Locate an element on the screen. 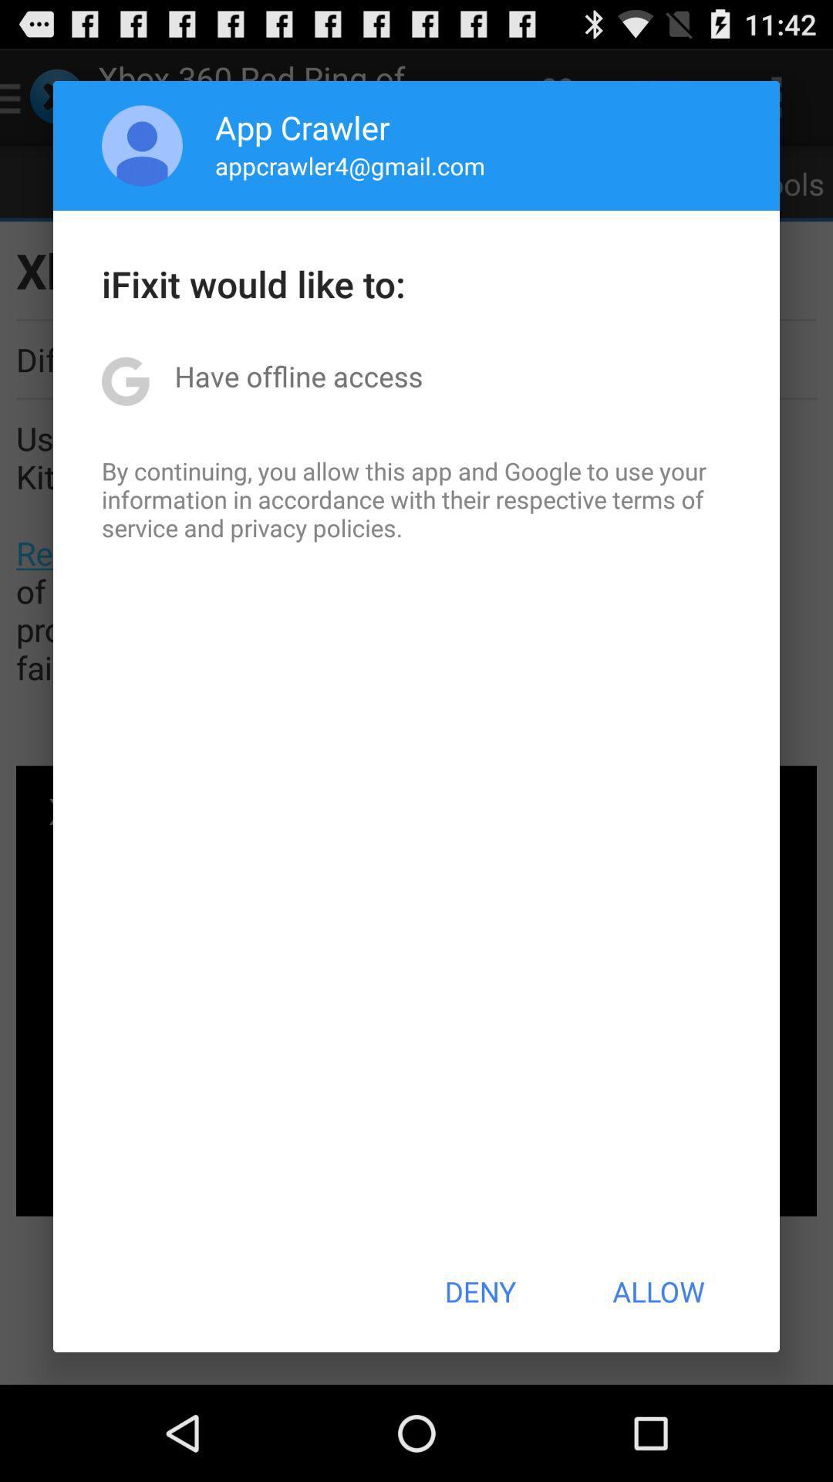  the app crawler item is located at coordinates (302, 127).